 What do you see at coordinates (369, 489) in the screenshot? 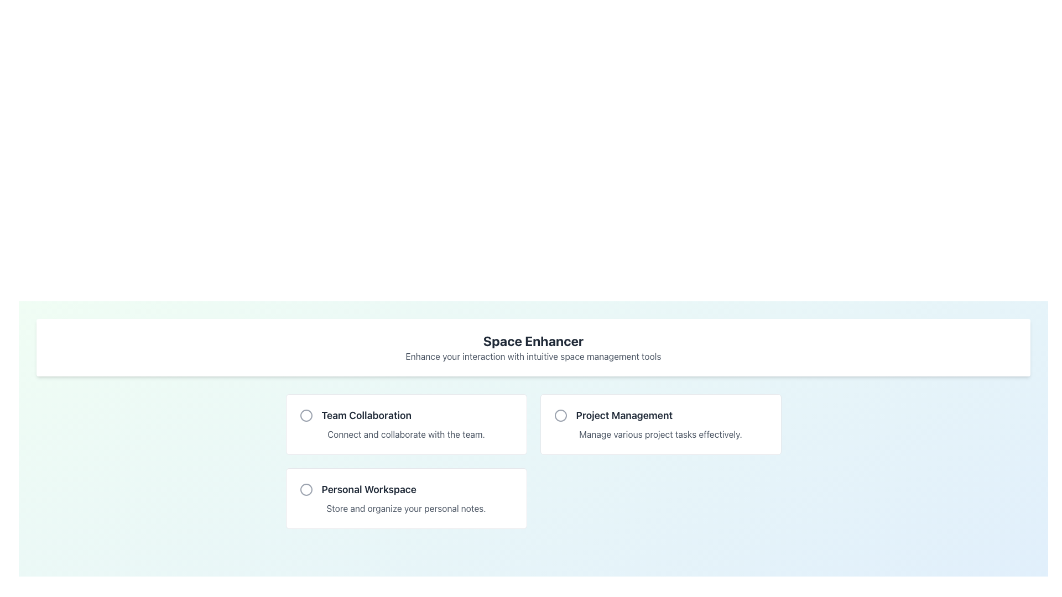
I see `the 'Personal Workspace' text label, which is a large, bold, dark gray label located below the 'Team Collaboration' option and to the right of a circular icon` at bounding box center [369, 489].